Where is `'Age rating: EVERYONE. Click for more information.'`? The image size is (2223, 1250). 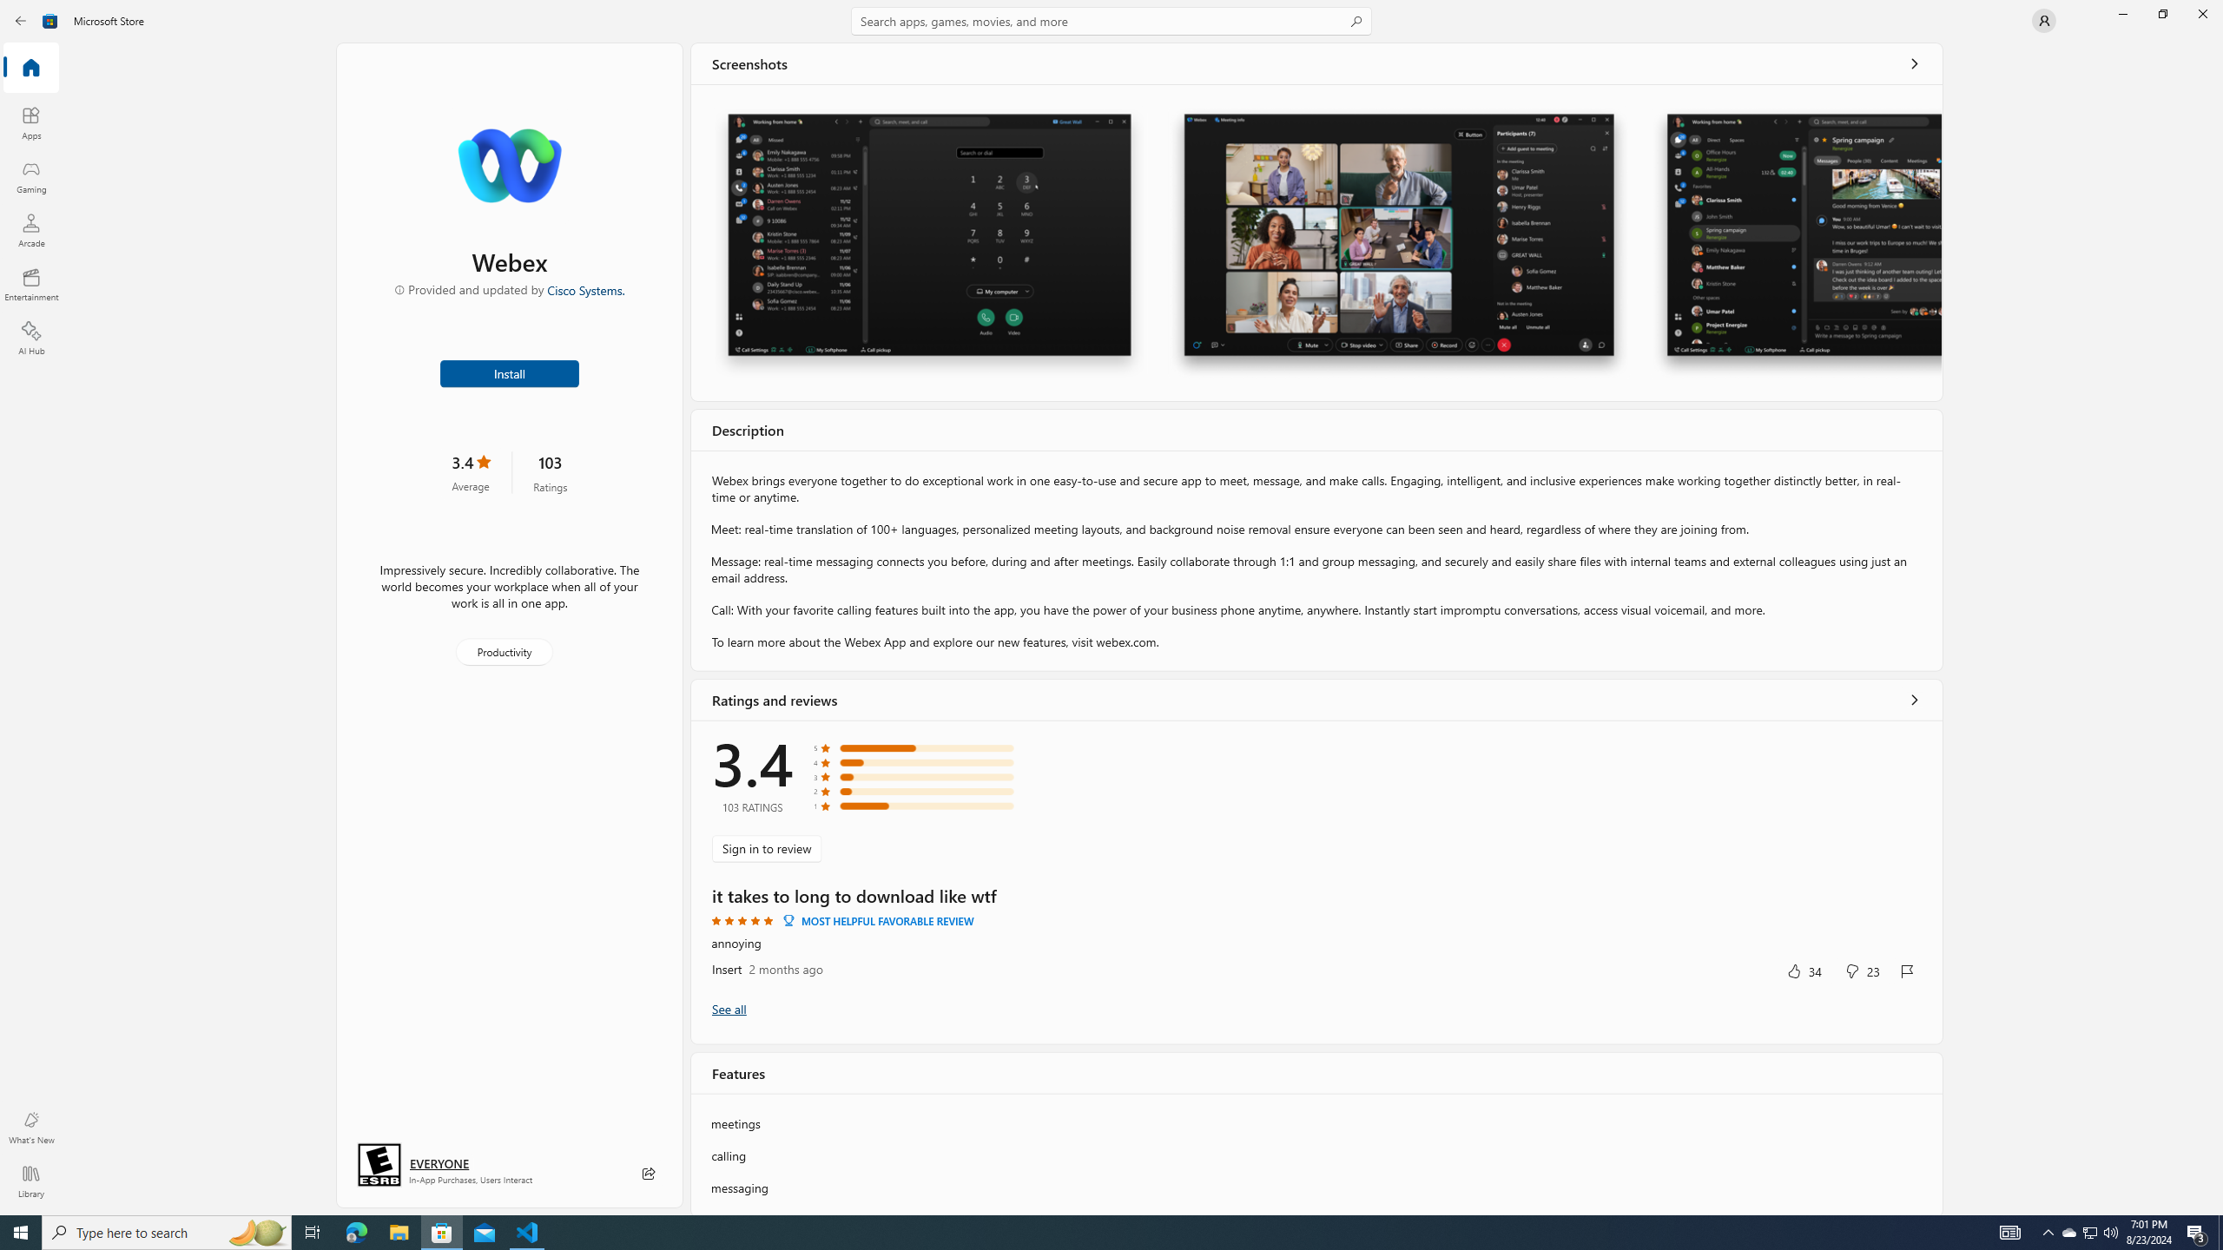
'Age rating: EVERYONE. Click for more information.' is located at coordinates (439, 1163).